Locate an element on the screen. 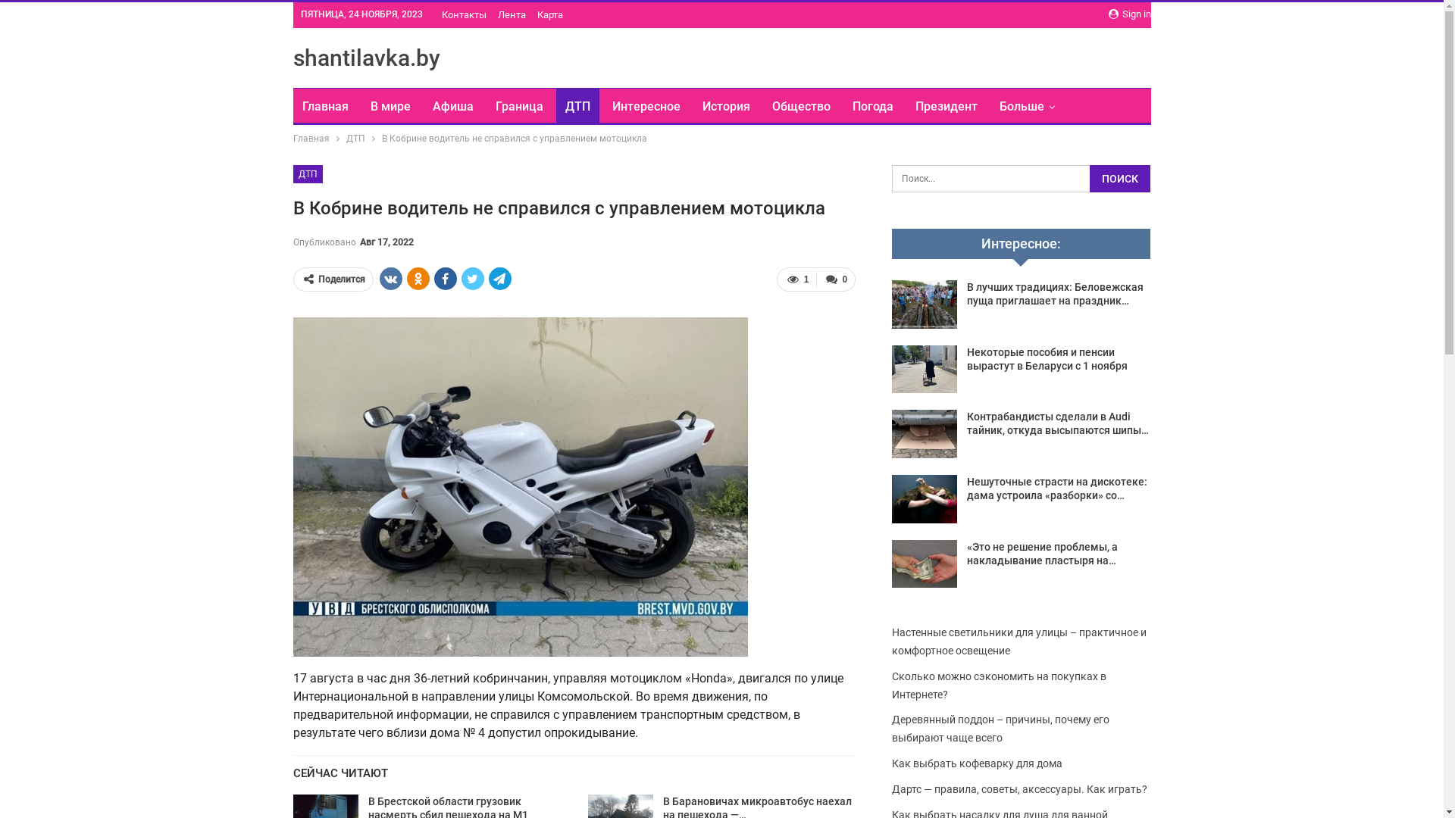 This screenshot has height=818, width=1455. 'Sign in' is located at coordinates (1128, 14).